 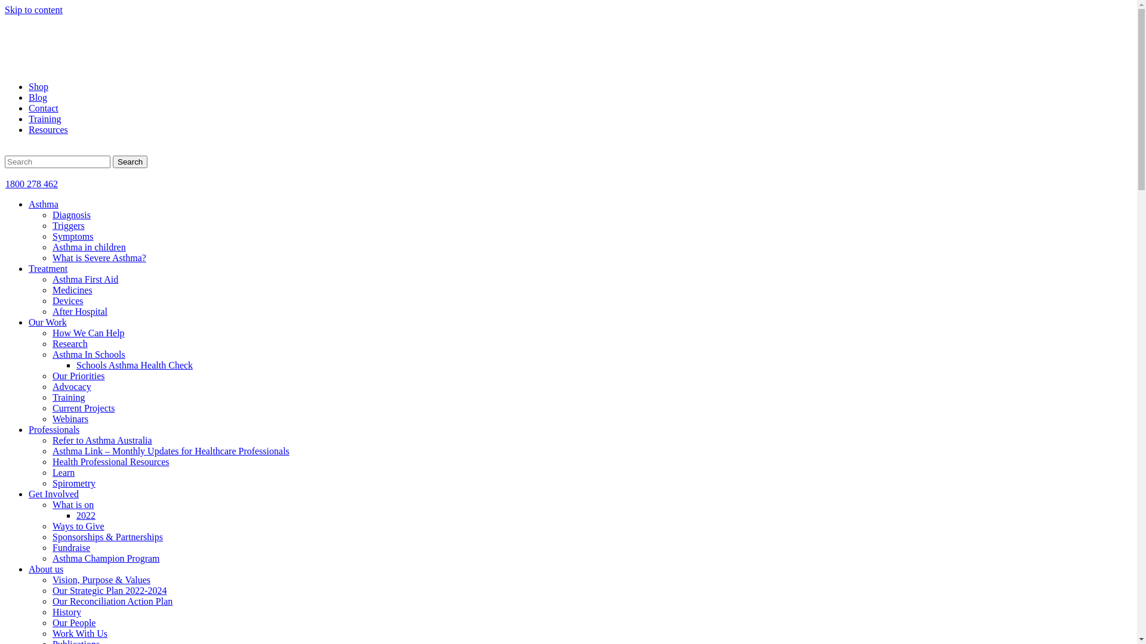 What do you see at coordinates (78, 525) in the screenshot?
I see `'Ways to Give'` at bounding box center [78, 525].